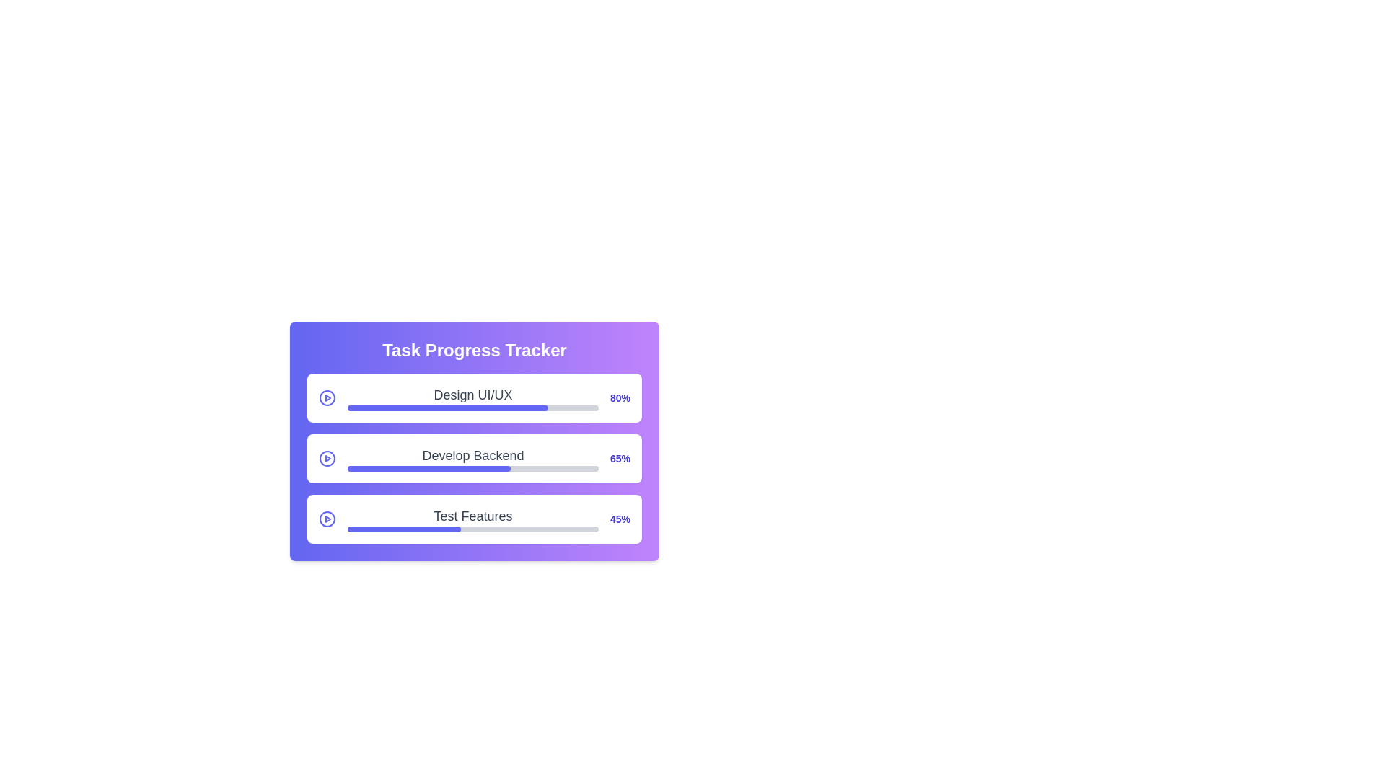 The height and width of the screenshot is (779, 1385). I want to click on text content of the Text Label indicating the task 'Design UI/UX', which is positioned at the top center of its progress card, above the progress bar, so click(473, 397).